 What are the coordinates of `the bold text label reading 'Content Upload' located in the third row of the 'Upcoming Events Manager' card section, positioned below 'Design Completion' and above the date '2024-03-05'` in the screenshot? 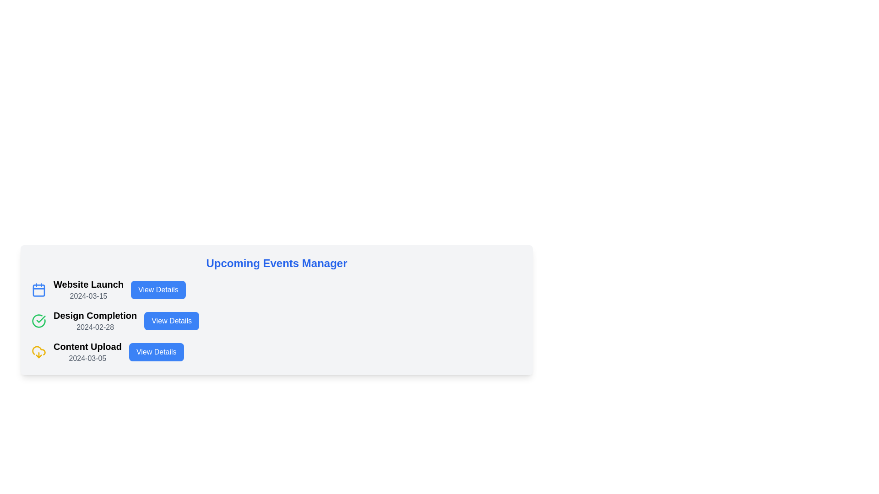 It's located at (87, 347).